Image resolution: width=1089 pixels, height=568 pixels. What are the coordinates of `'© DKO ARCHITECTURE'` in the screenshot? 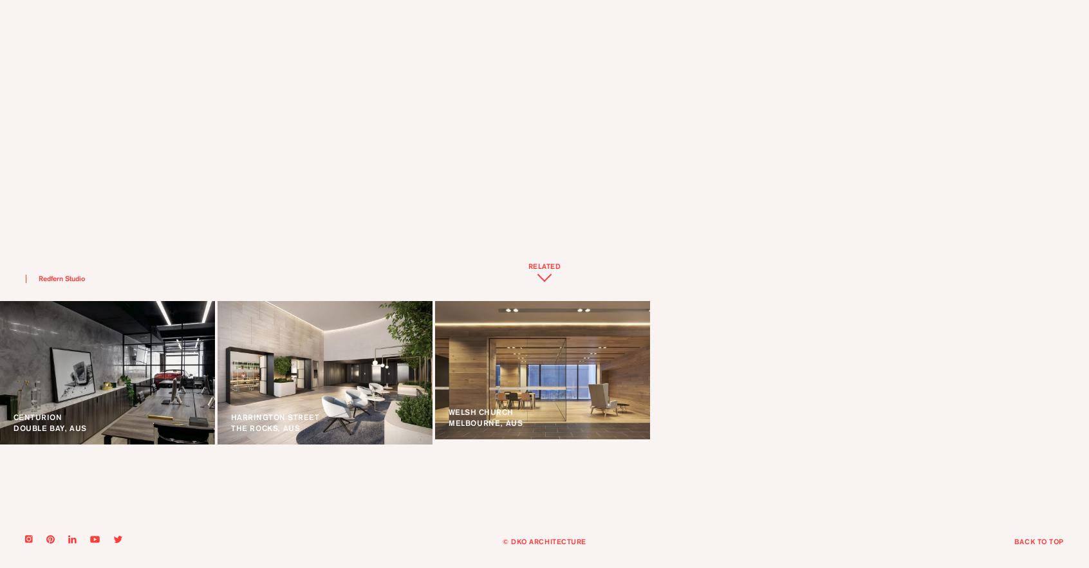 It's located at (544, 542).